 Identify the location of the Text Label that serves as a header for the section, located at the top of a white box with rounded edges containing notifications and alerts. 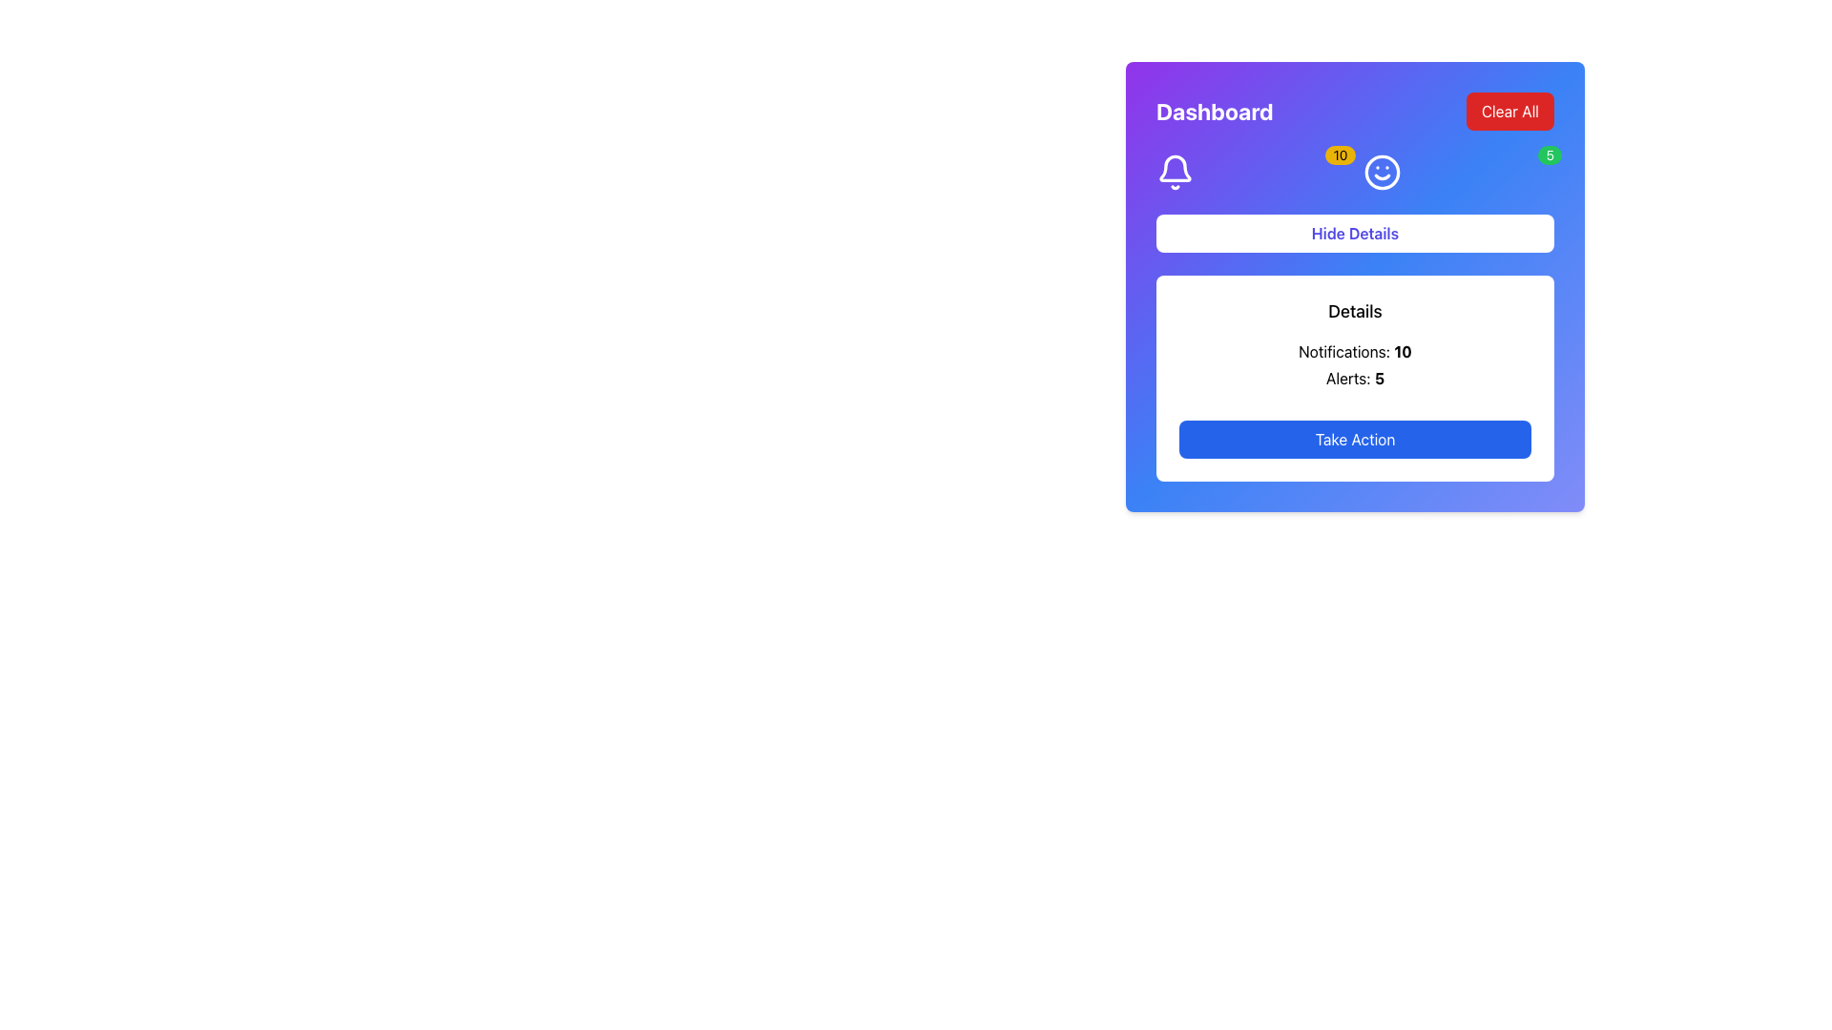
(1354, 311).